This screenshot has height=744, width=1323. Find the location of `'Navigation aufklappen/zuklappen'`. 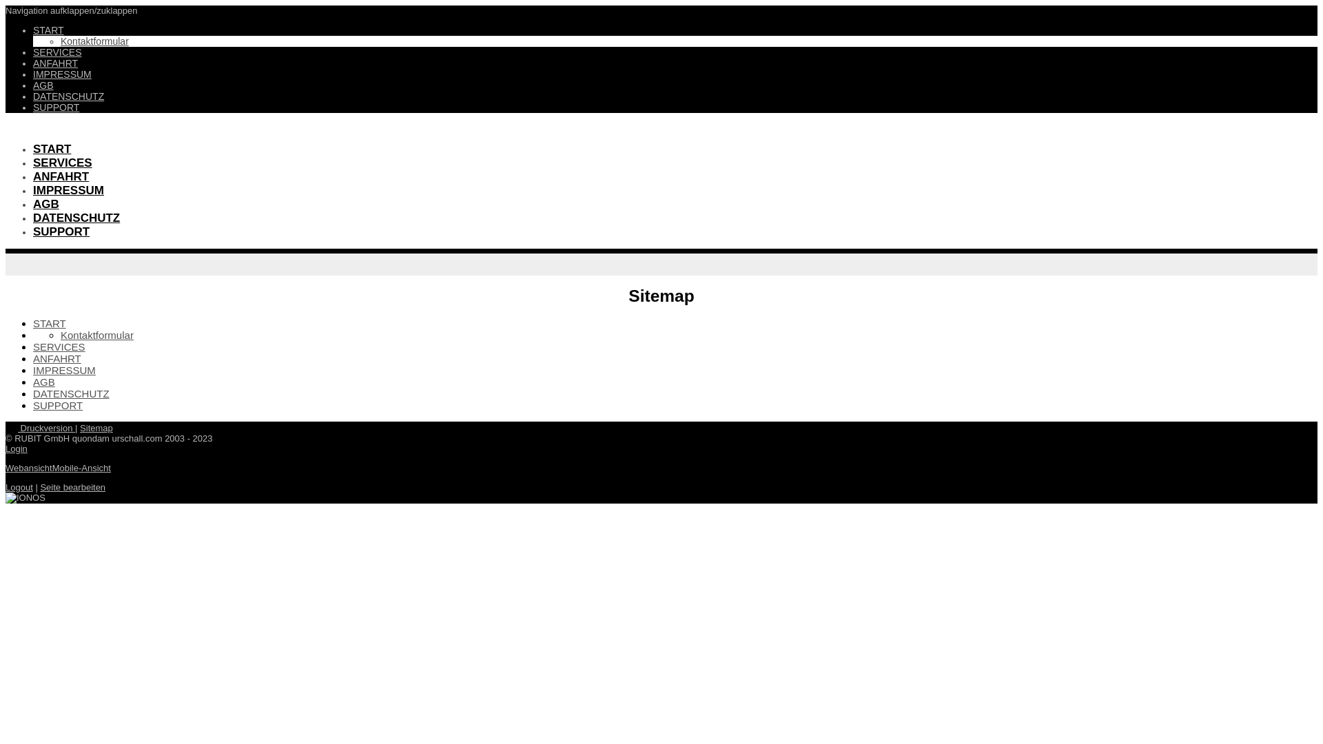

'Navigation aufklappen/zuklappen' is located at coordinates (71, 10).